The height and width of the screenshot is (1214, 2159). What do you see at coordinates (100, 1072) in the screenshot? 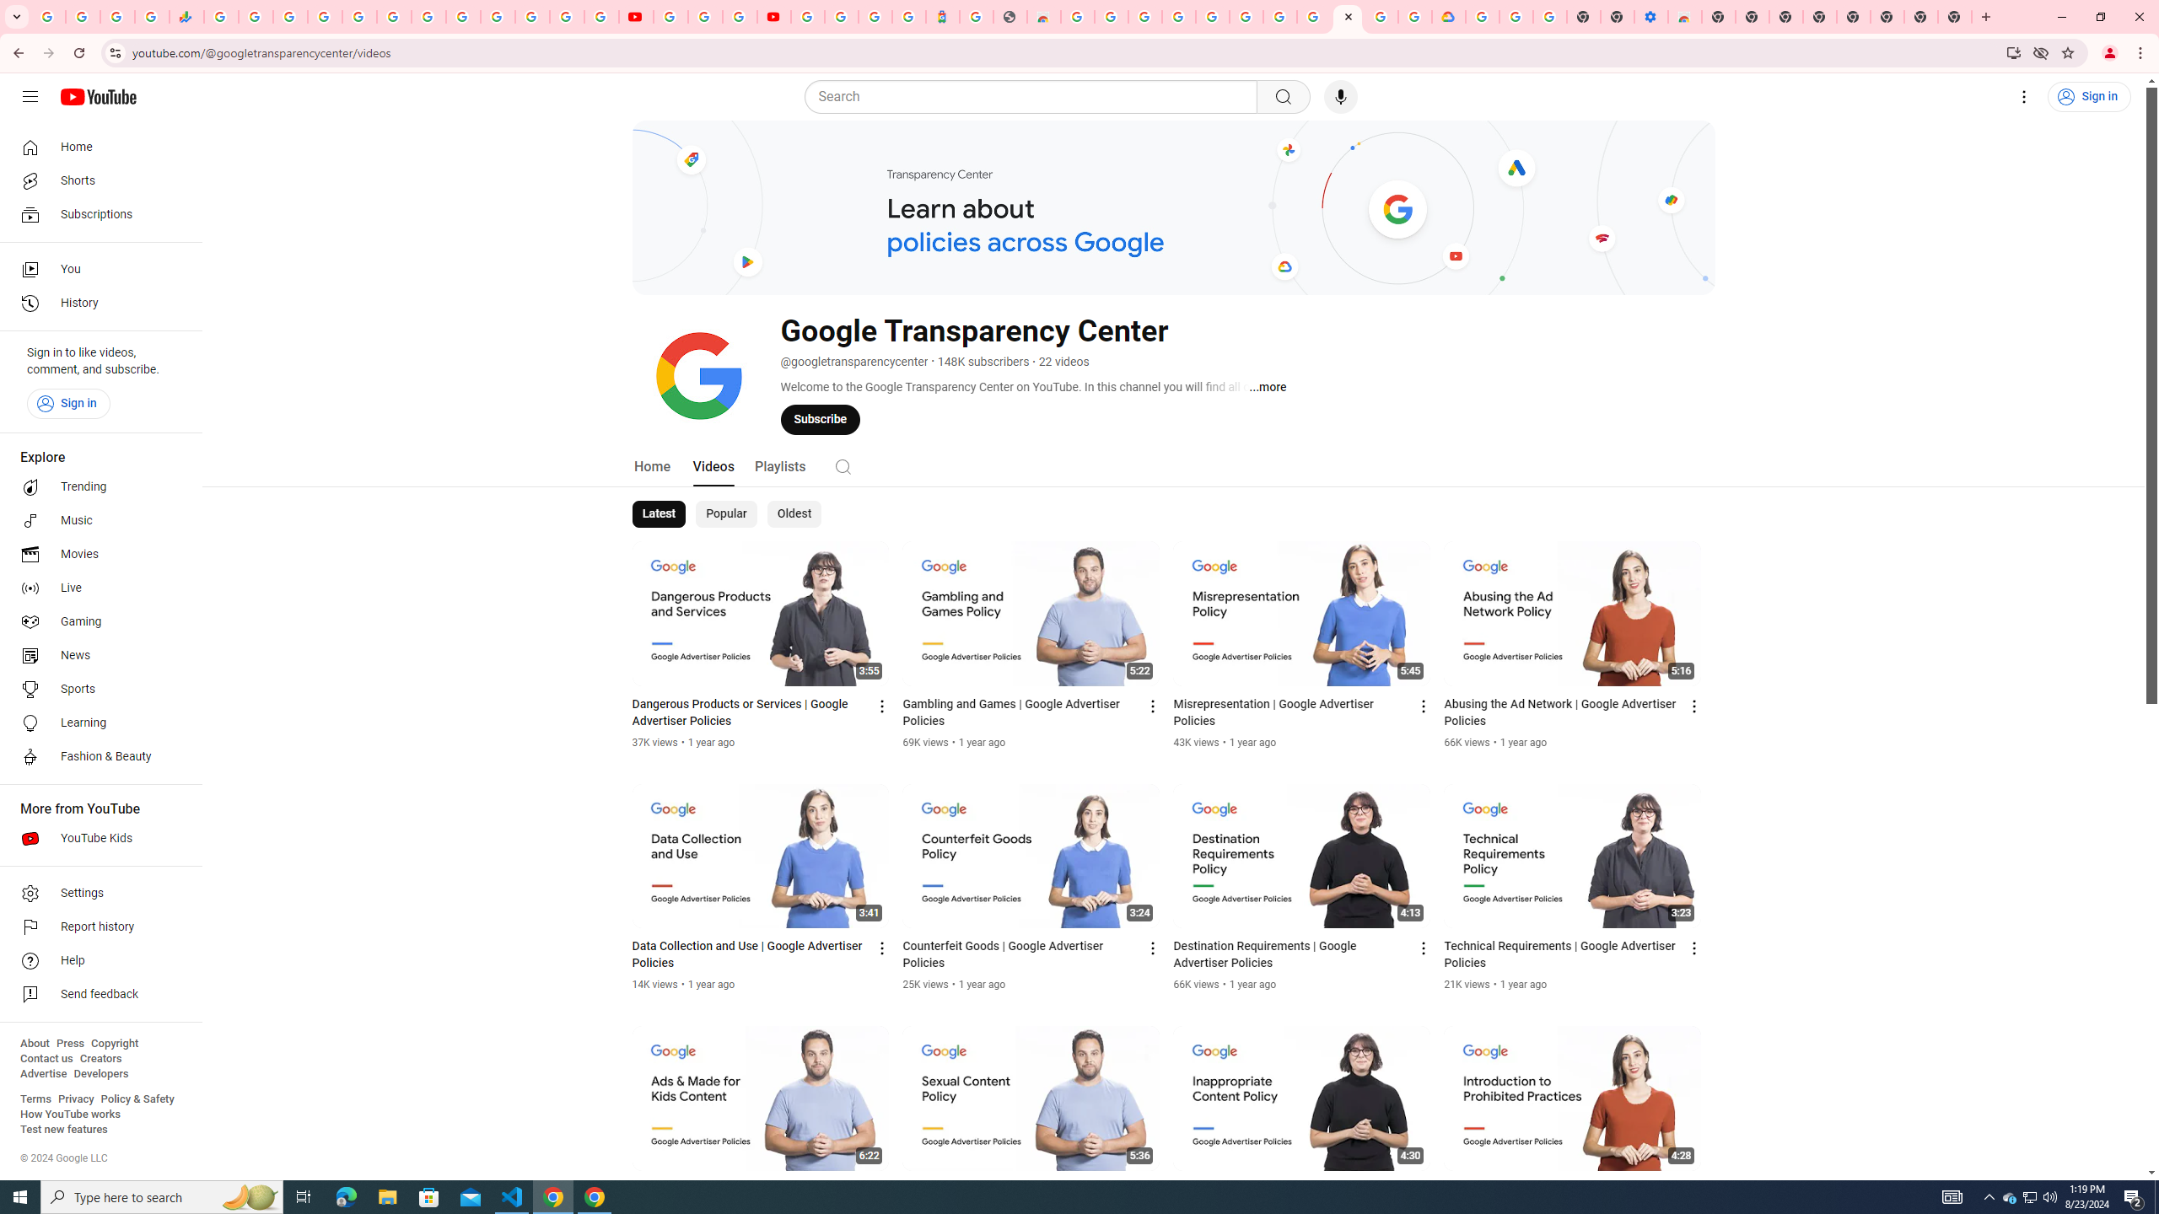
I see `'Developers'` at bounding box center [100, 1072].